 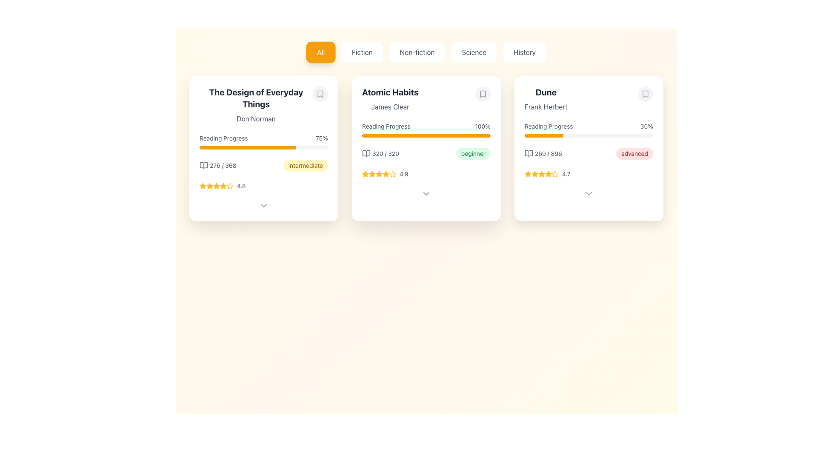 What do you see at coordinates (320, 94) in the screenshot?
I see `the Bookmark icon located in the top-right corner of the card for 'The Design of Everyday Things'` at bounding box center [320, 94].